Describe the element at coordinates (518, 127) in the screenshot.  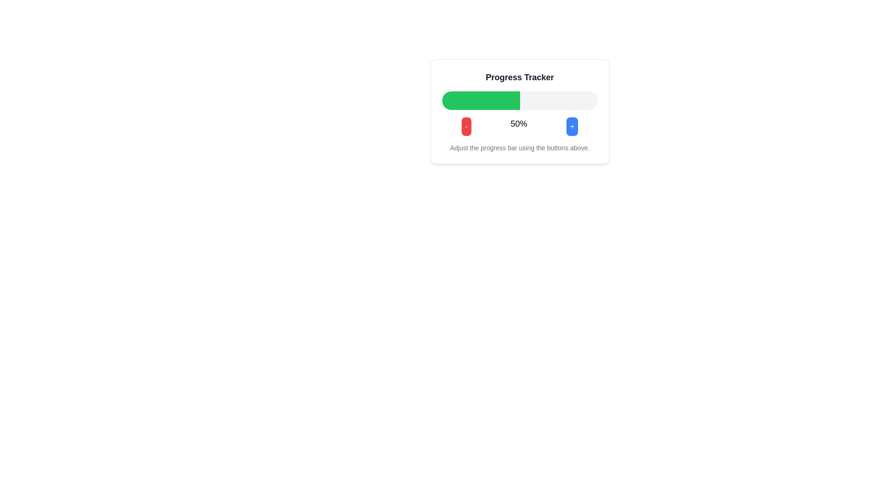
I see `the bold static text displaying '50%', which is centrally positioned between a red '-' button on its left and a blue '+' button on its right` at that location.